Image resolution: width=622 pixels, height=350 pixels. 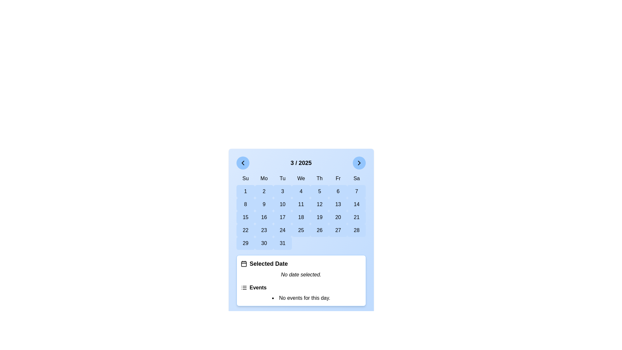 I want to click on the interactive cell in the calendar representing the 10th day of the month, so click(x=282, y=204).